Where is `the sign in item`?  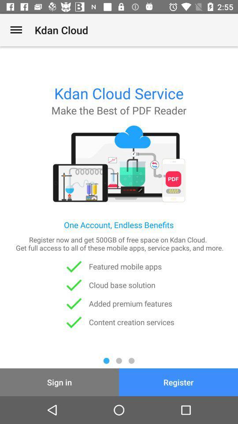
the sign in item is located at coordinates (59, 382).